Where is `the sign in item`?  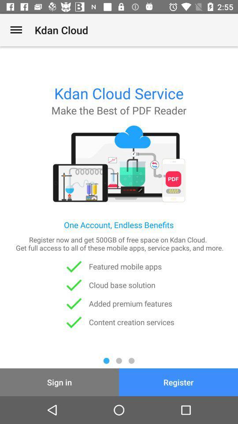
the sign in item is located at coordinates (59, 382).